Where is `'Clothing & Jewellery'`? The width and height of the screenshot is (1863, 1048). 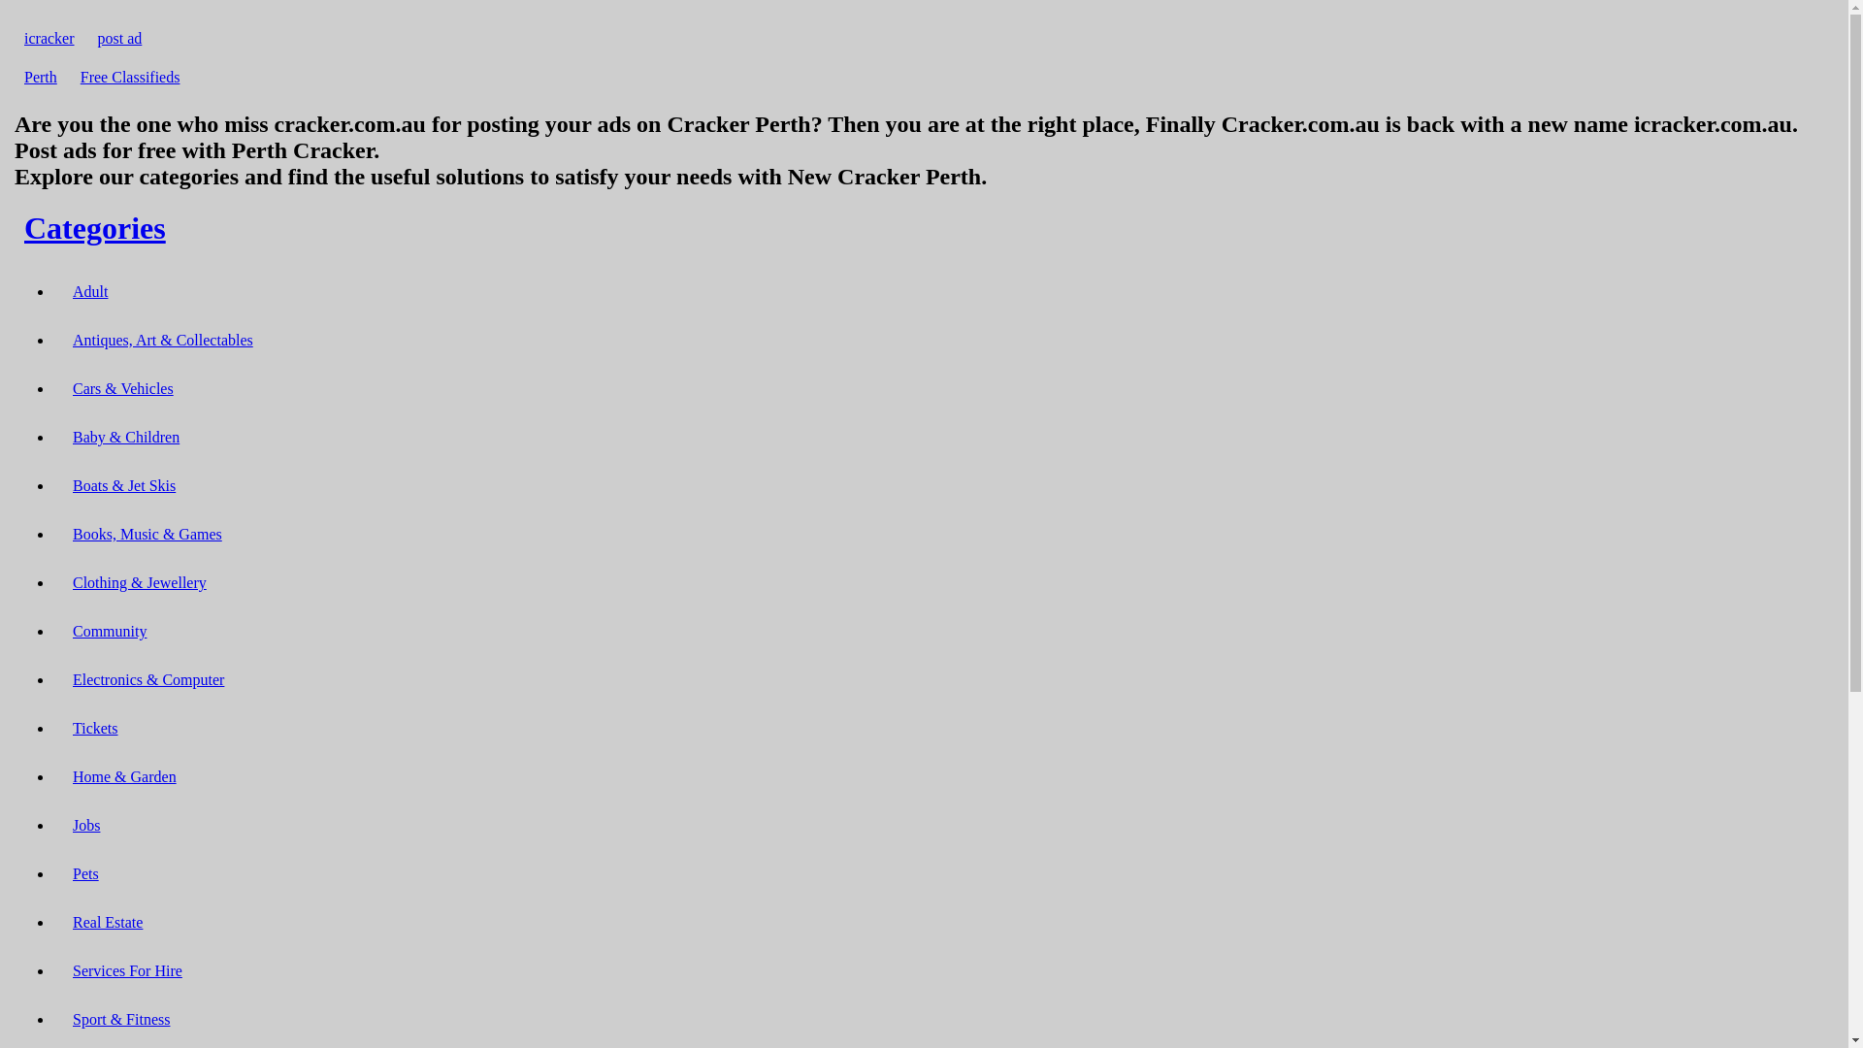 'Clothing & Jewellery' is located at coordinates (63, 581).